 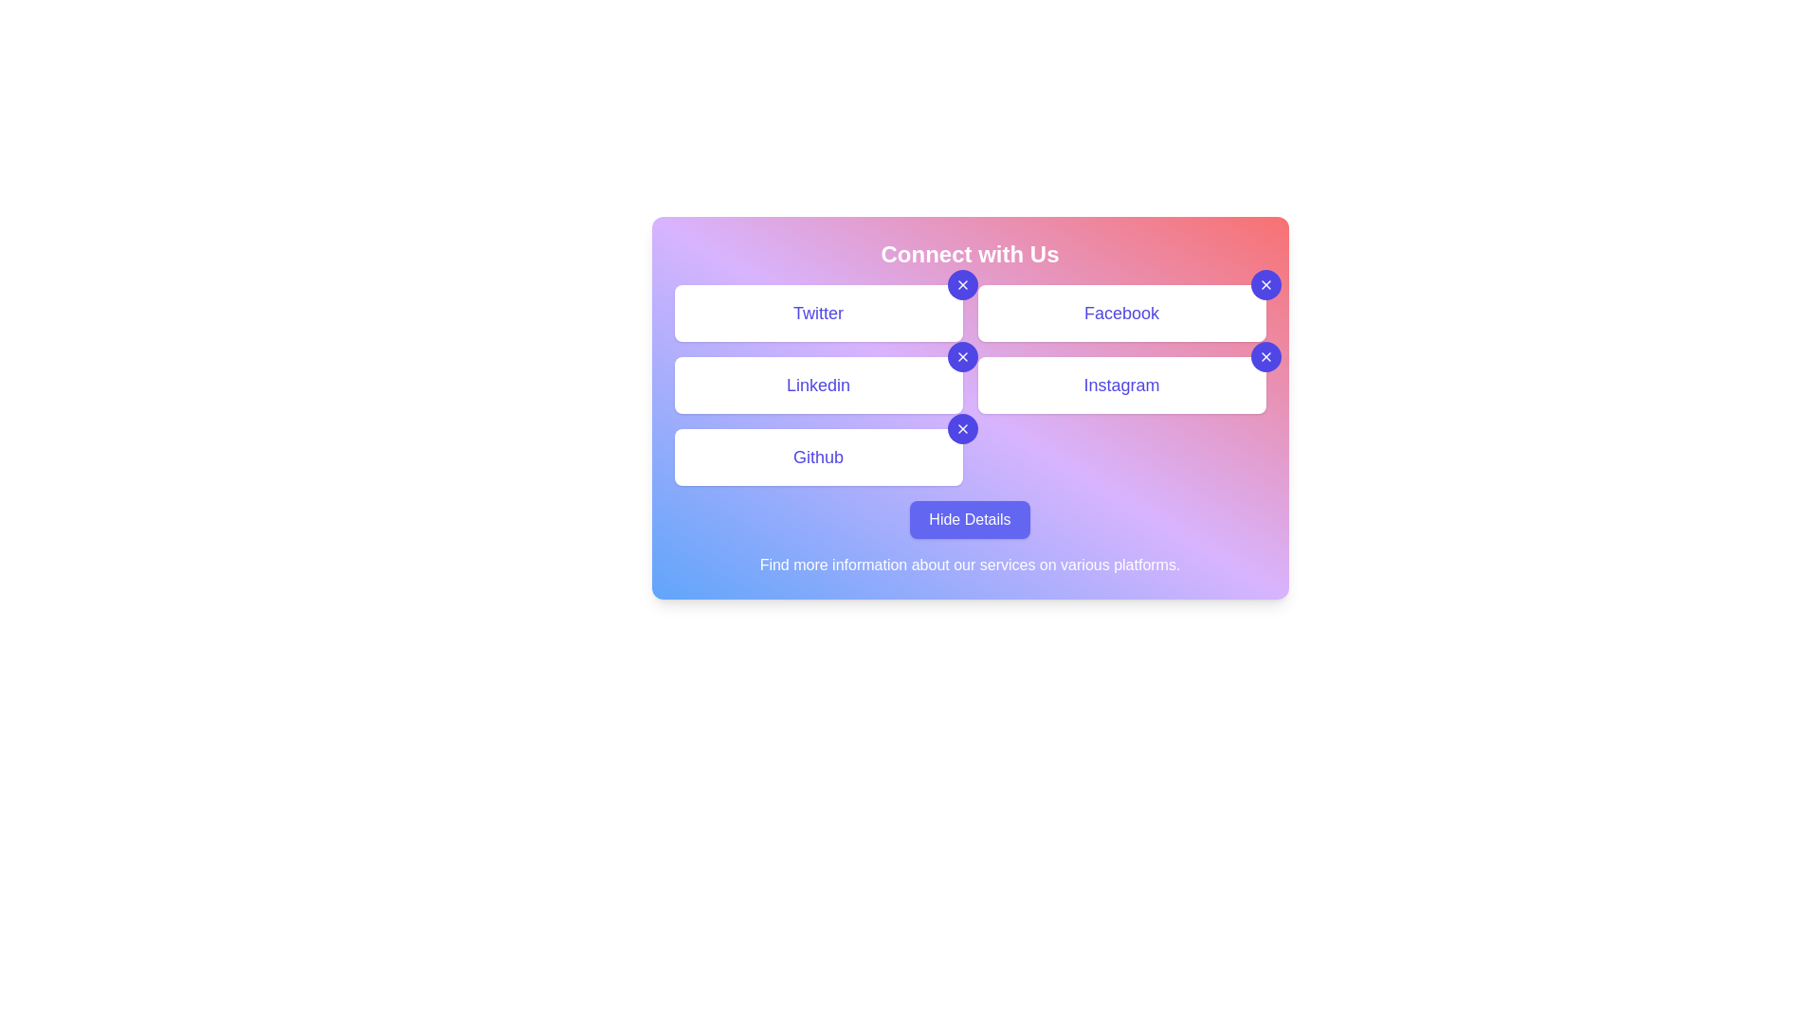 I want to click on the close or delete button located at the top-right corner of the 'Twitter' entry, so click(x=962, y=284).